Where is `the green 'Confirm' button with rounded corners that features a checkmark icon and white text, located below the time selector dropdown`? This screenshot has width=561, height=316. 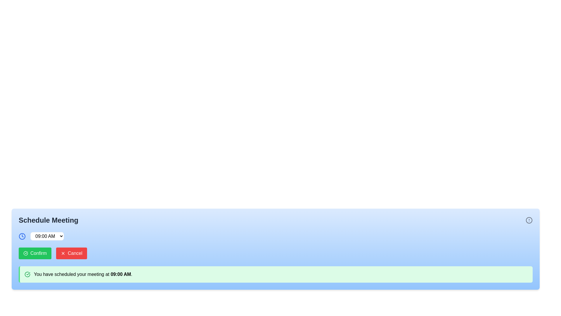
the green 'Confirm' button with rounded corners that features a checkmark icon and white text, located below the time selector dropdown is located at coordinates (35, 253).